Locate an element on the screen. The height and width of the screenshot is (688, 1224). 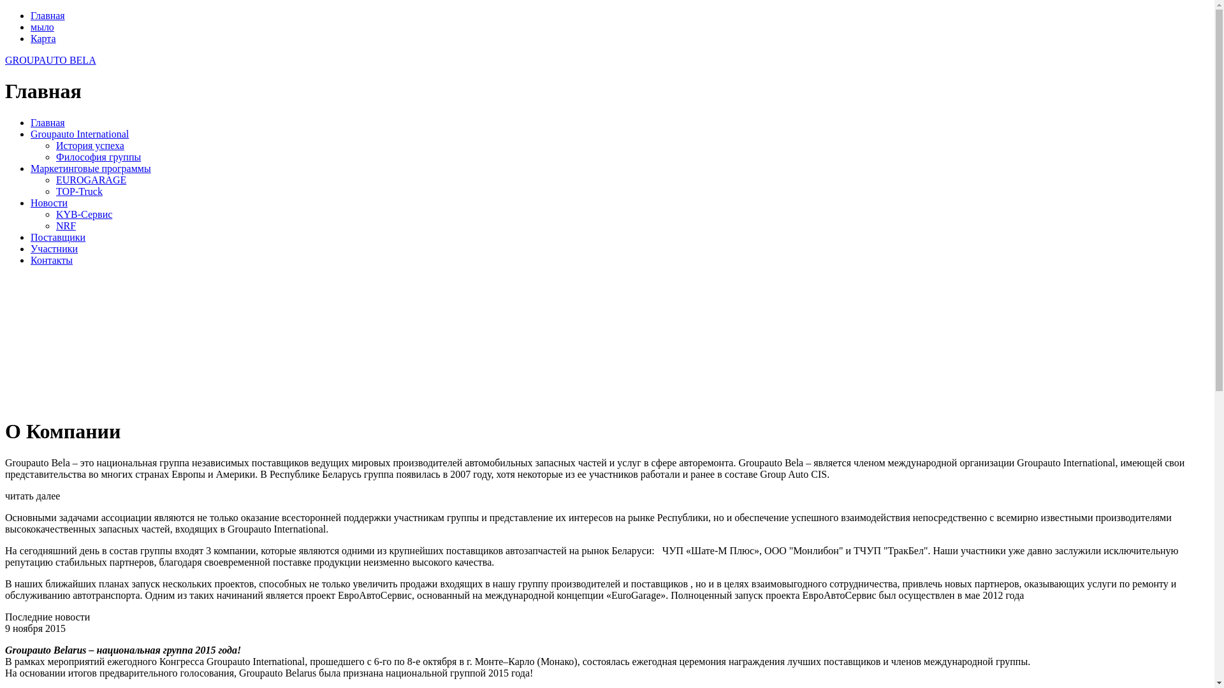
'EUROGARAGE' is located at coordinates (91, 180).